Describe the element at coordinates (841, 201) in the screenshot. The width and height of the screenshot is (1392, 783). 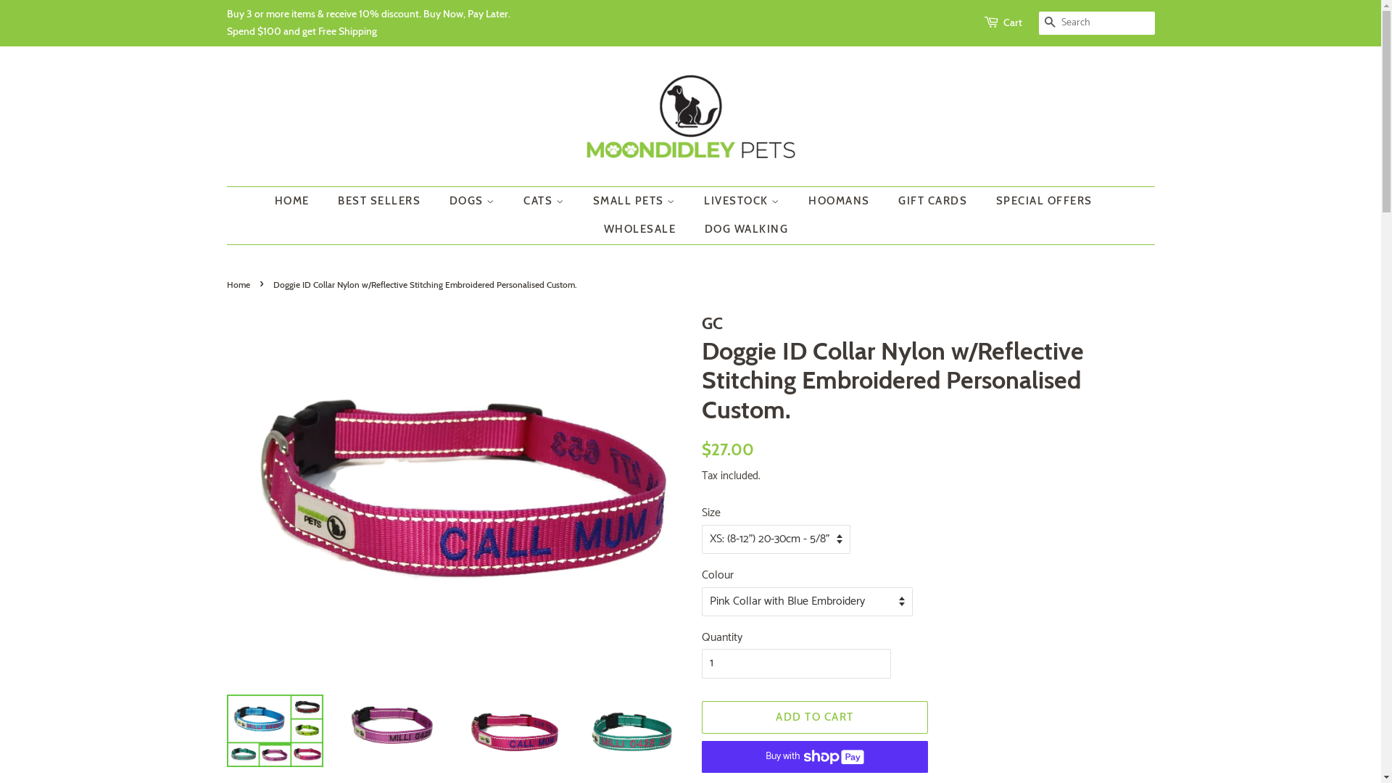
I see `'HOOMANS'` at that location.